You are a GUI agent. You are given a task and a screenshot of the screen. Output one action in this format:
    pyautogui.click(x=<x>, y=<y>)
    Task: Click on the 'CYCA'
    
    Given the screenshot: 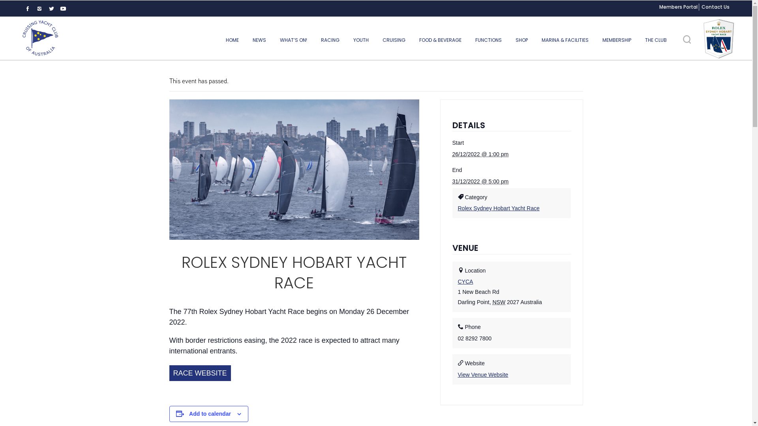 What is the action you would take?
    pyautogui.click(x=465, y=281)
    